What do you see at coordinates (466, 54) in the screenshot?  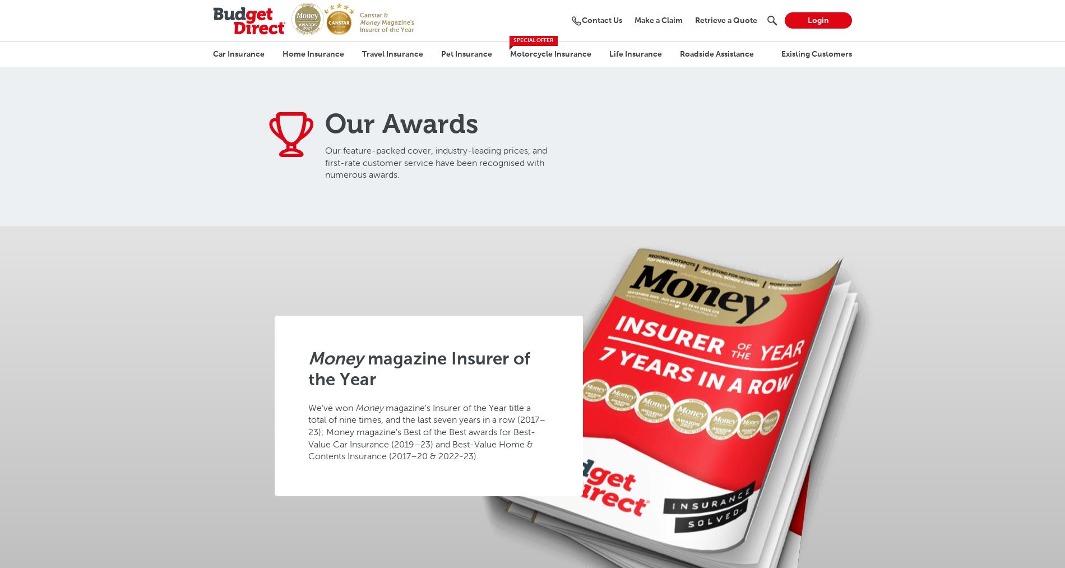 I see `'Pet Insurance'` at bounding box center [466, 54].